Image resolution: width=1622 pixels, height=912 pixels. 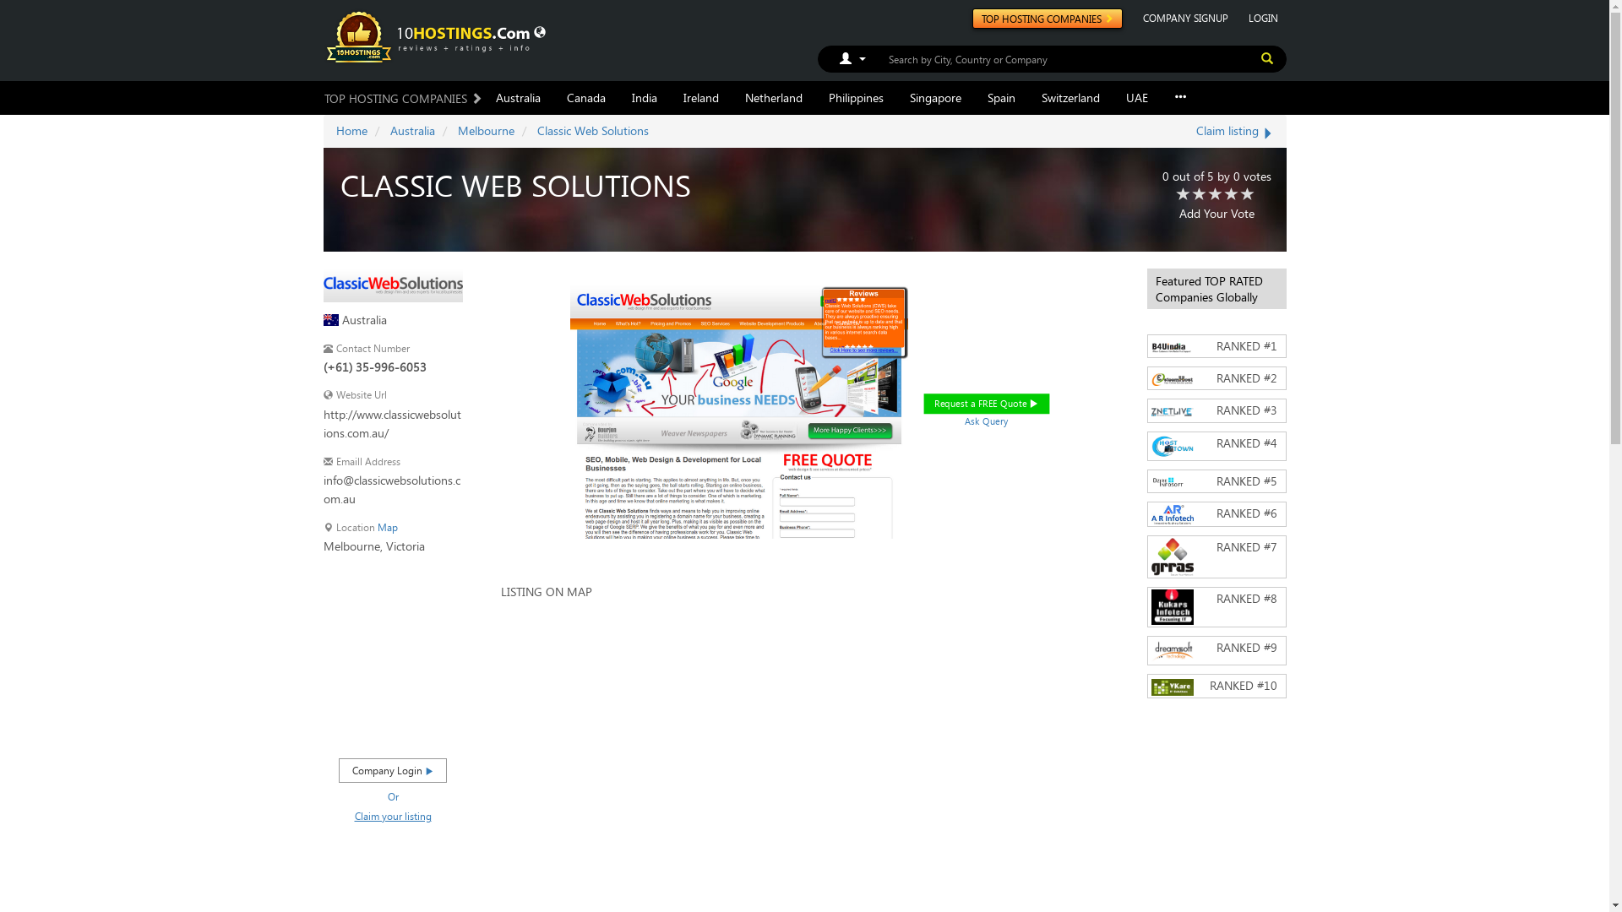 What do you see at coordinates (1001, 97) in the screenshot?
I see `'Spain'` at bounding box center [1001, 97].